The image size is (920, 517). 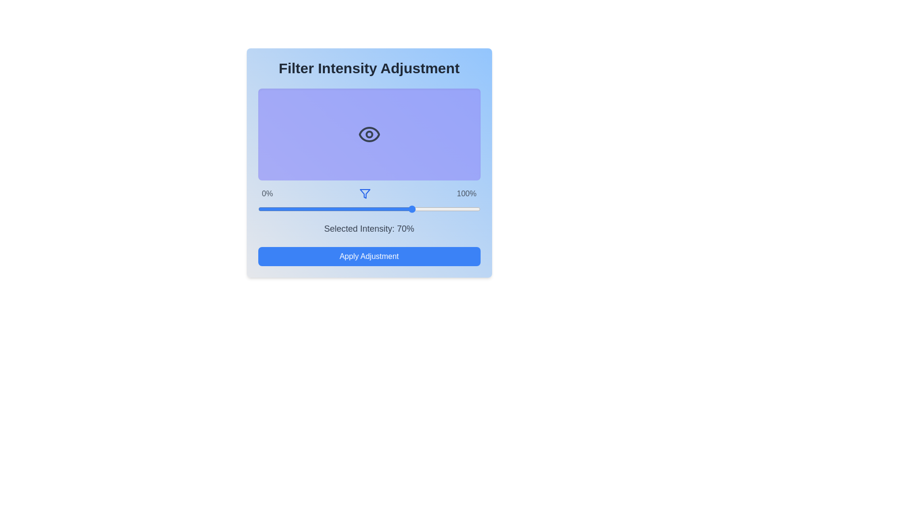 I want to click on the eye icon to interact with it, so click(x=368, y=135).